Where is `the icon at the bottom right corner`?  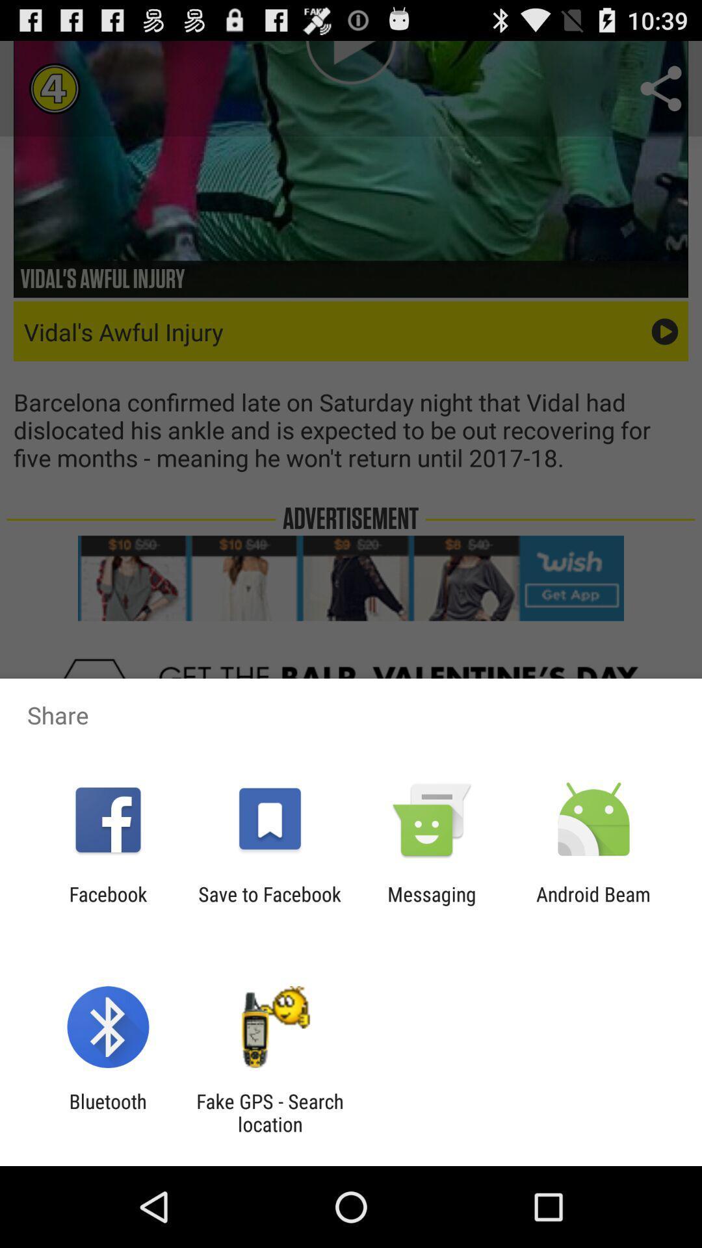 the icon at the bottom right corner is located at coordinates (593, 905).